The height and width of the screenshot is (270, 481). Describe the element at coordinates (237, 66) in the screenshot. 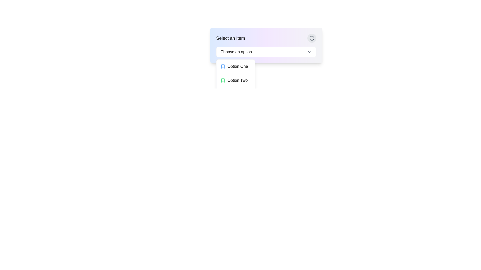

I see `the text label for the first option in the dropdown menu, which is located to the right of a bookmark icon` at that location.